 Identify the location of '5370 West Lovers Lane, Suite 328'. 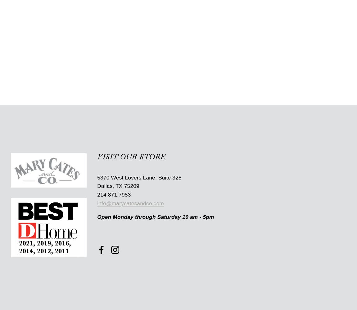
(139, 177).